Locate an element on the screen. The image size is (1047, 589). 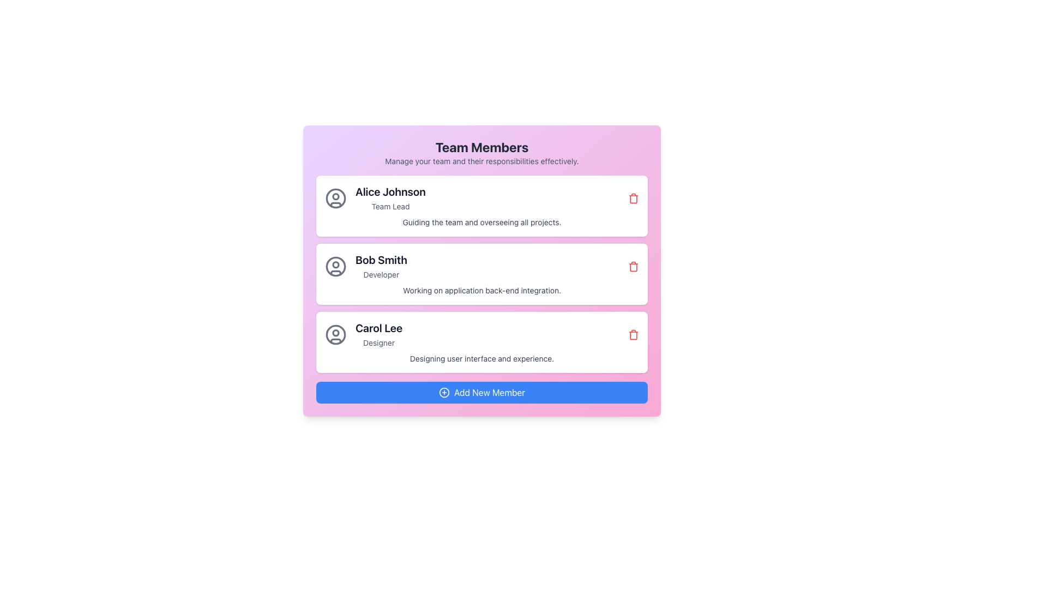
the text label indicating the role or designation of the user named 'Bob Smith', located directly below the text 'Bob Smith' in the user list is located at coordinates (381, 274).